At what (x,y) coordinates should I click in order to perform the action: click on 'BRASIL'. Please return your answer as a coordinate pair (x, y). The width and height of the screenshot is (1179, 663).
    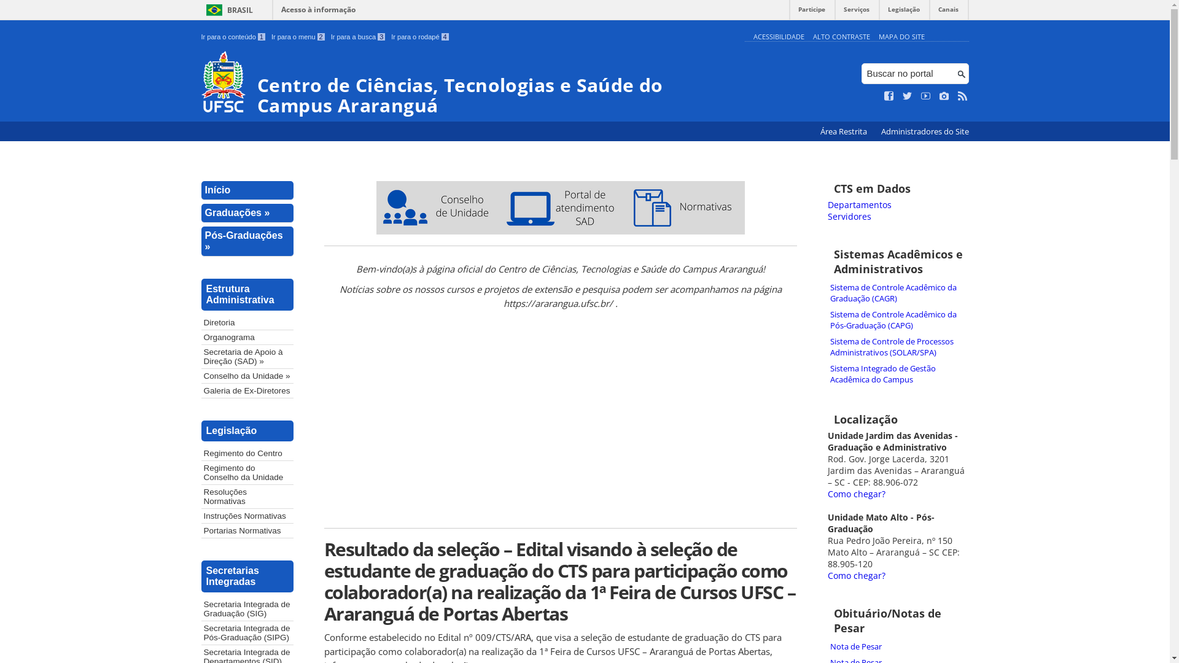
    Looking at the image, I should click on (227, 10).